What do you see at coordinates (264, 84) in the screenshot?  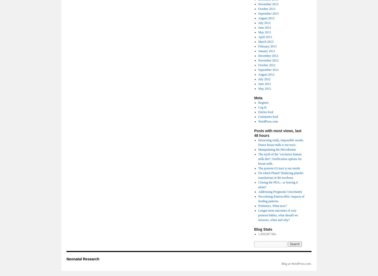 I see `'June 2012'` at bounding box center [264, 84].